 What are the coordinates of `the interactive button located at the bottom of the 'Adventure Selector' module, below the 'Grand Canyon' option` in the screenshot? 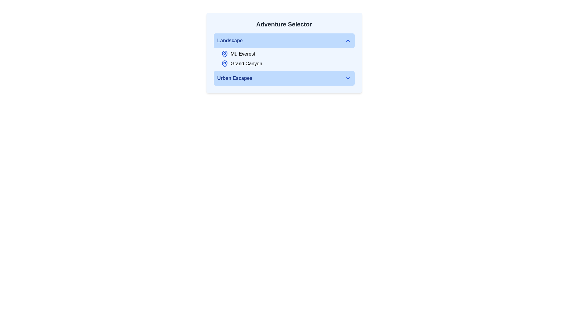 It's located at (284, 78).